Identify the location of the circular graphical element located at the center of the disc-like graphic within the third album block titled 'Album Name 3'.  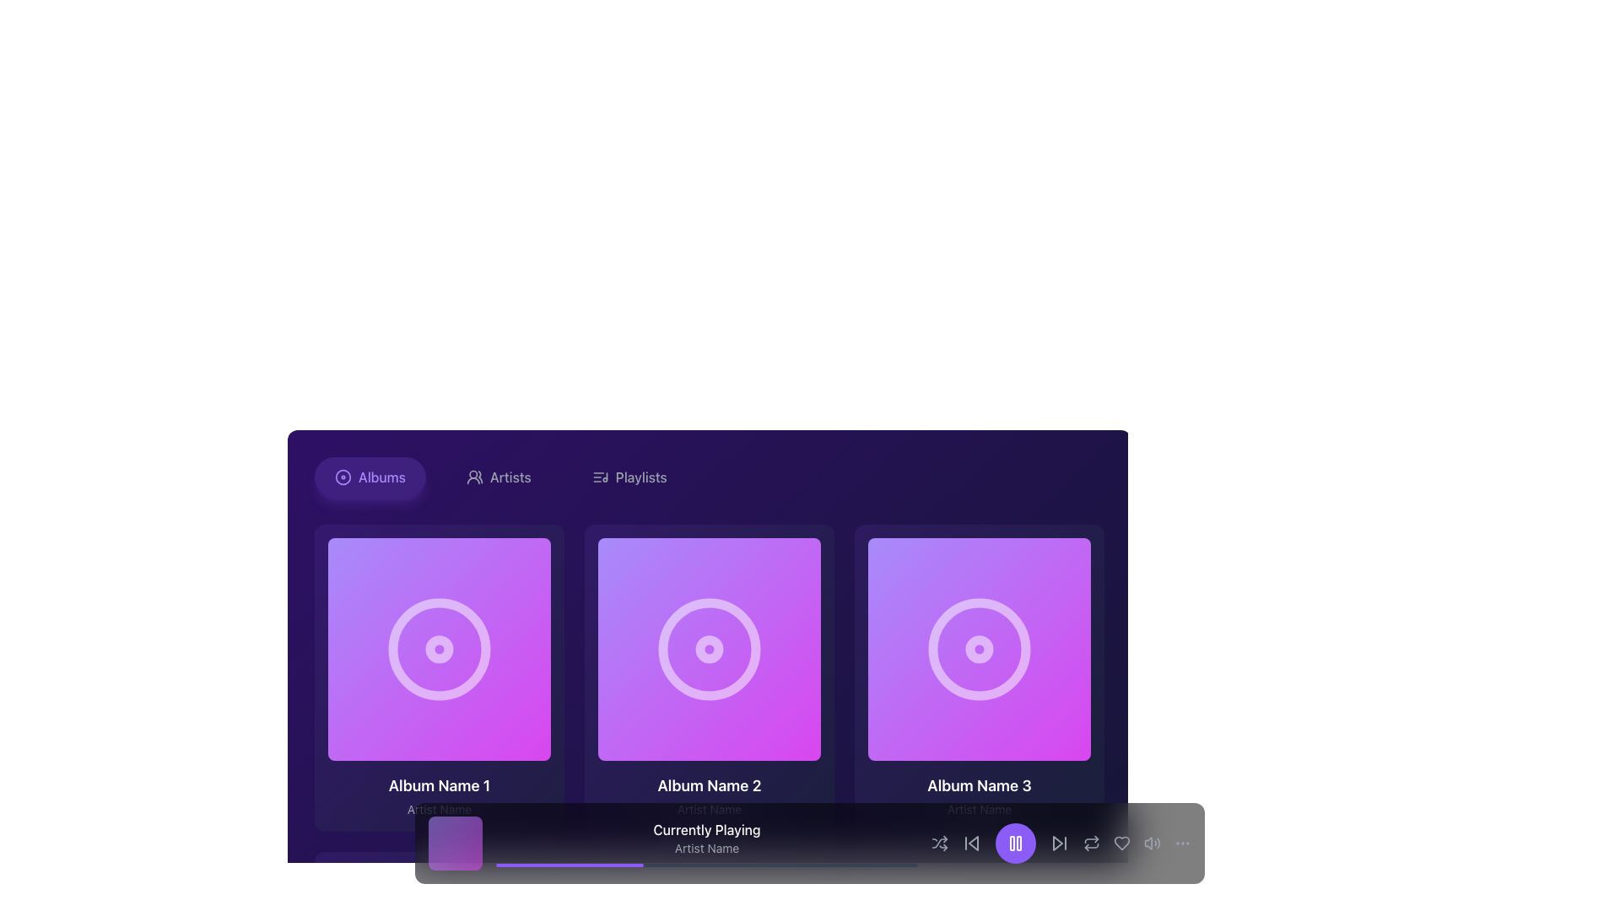
(980, 649).